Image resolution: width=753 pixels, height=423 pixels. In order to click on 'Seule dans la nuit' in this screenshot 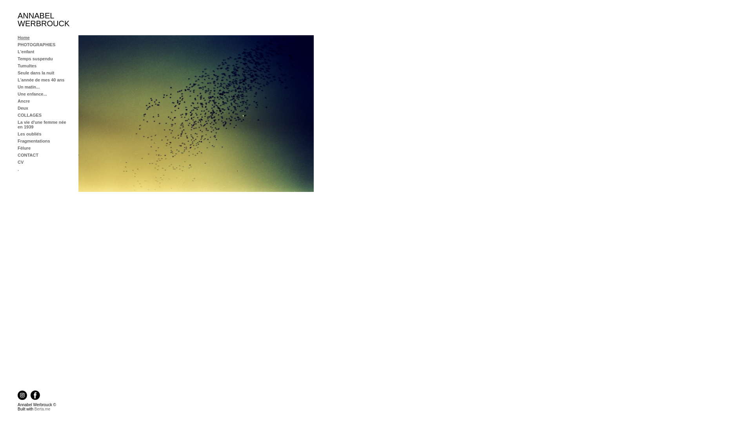, I will do `click(35, 72)`.